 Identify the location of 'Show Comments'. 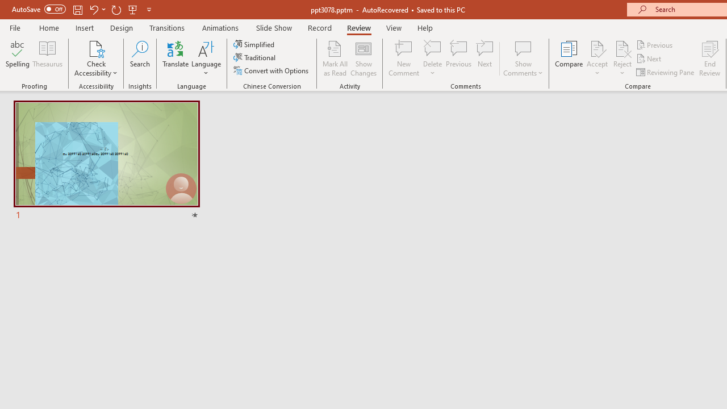
(523, 59).